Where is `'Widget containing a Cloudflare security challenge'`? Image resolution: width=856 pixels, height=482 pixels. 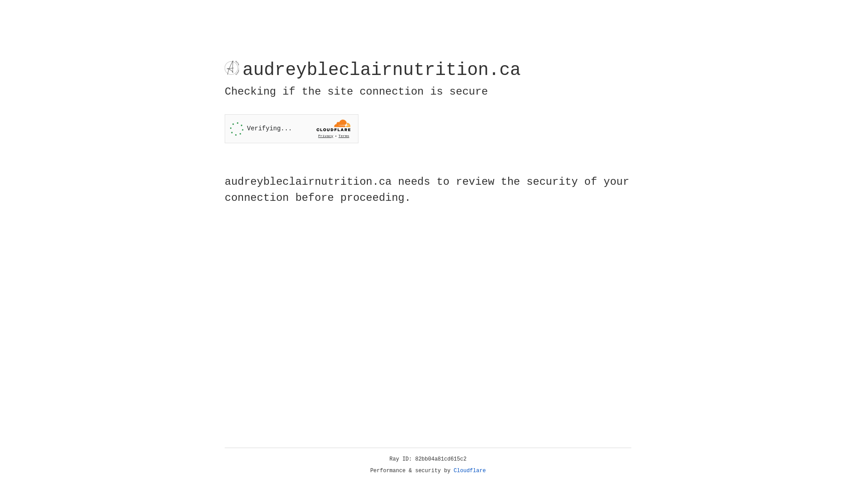
'Widget containing a Cloudflare security challenge' is located at coordinates (291, 129).